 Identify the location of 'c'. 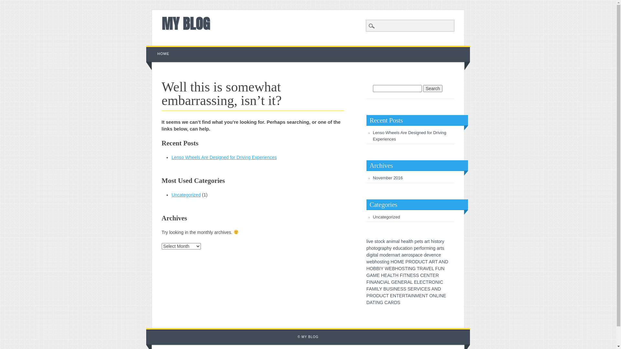
(418, 255).